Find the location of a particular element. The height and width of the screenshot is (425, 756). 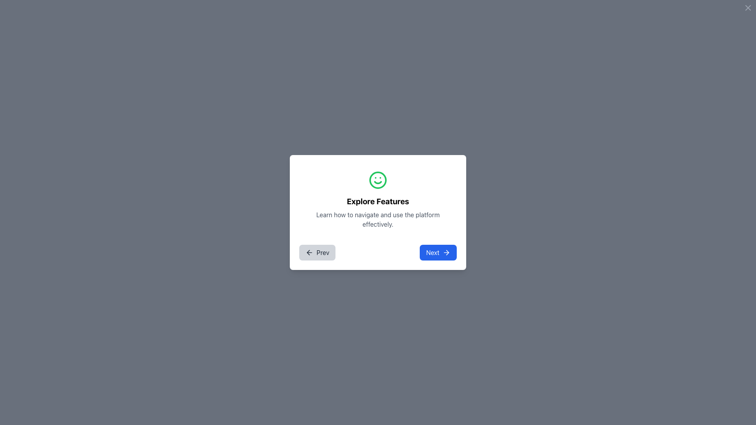

the explanatory text label located below 'Explore Features' in the centered popup UI section is located at coordinates (378, 220).